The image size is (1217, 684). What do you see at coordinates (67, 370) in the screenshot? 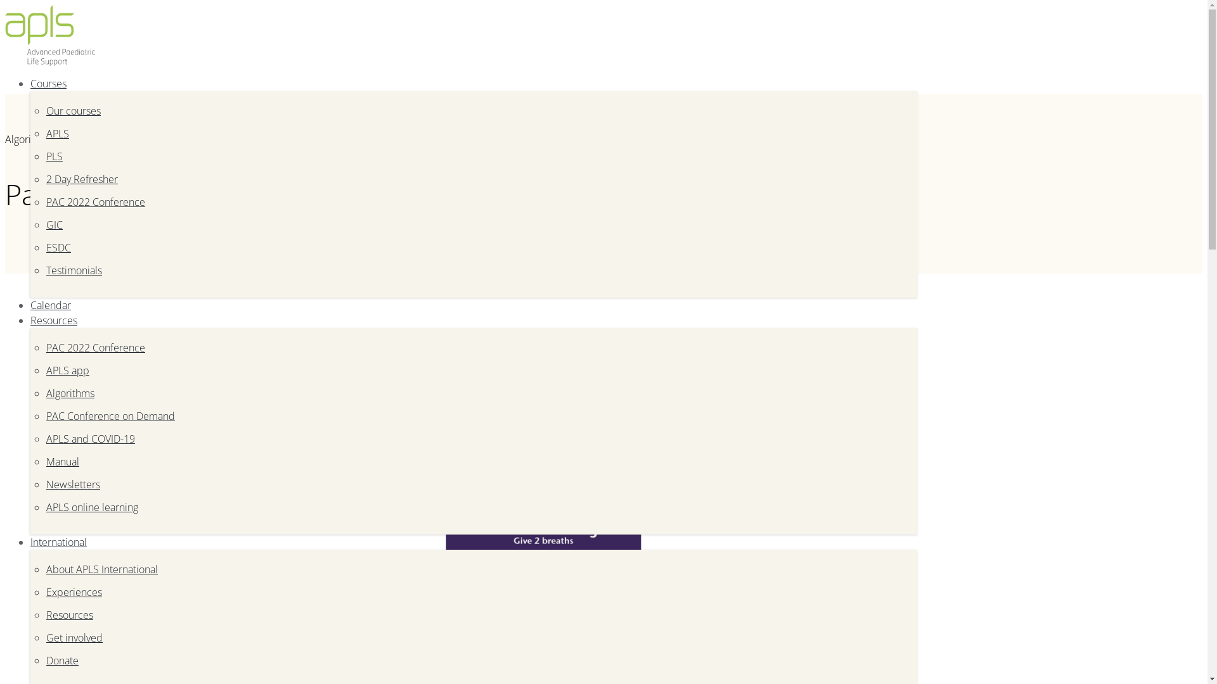
I see `'APLS app'` at bounding box center [67, 370].